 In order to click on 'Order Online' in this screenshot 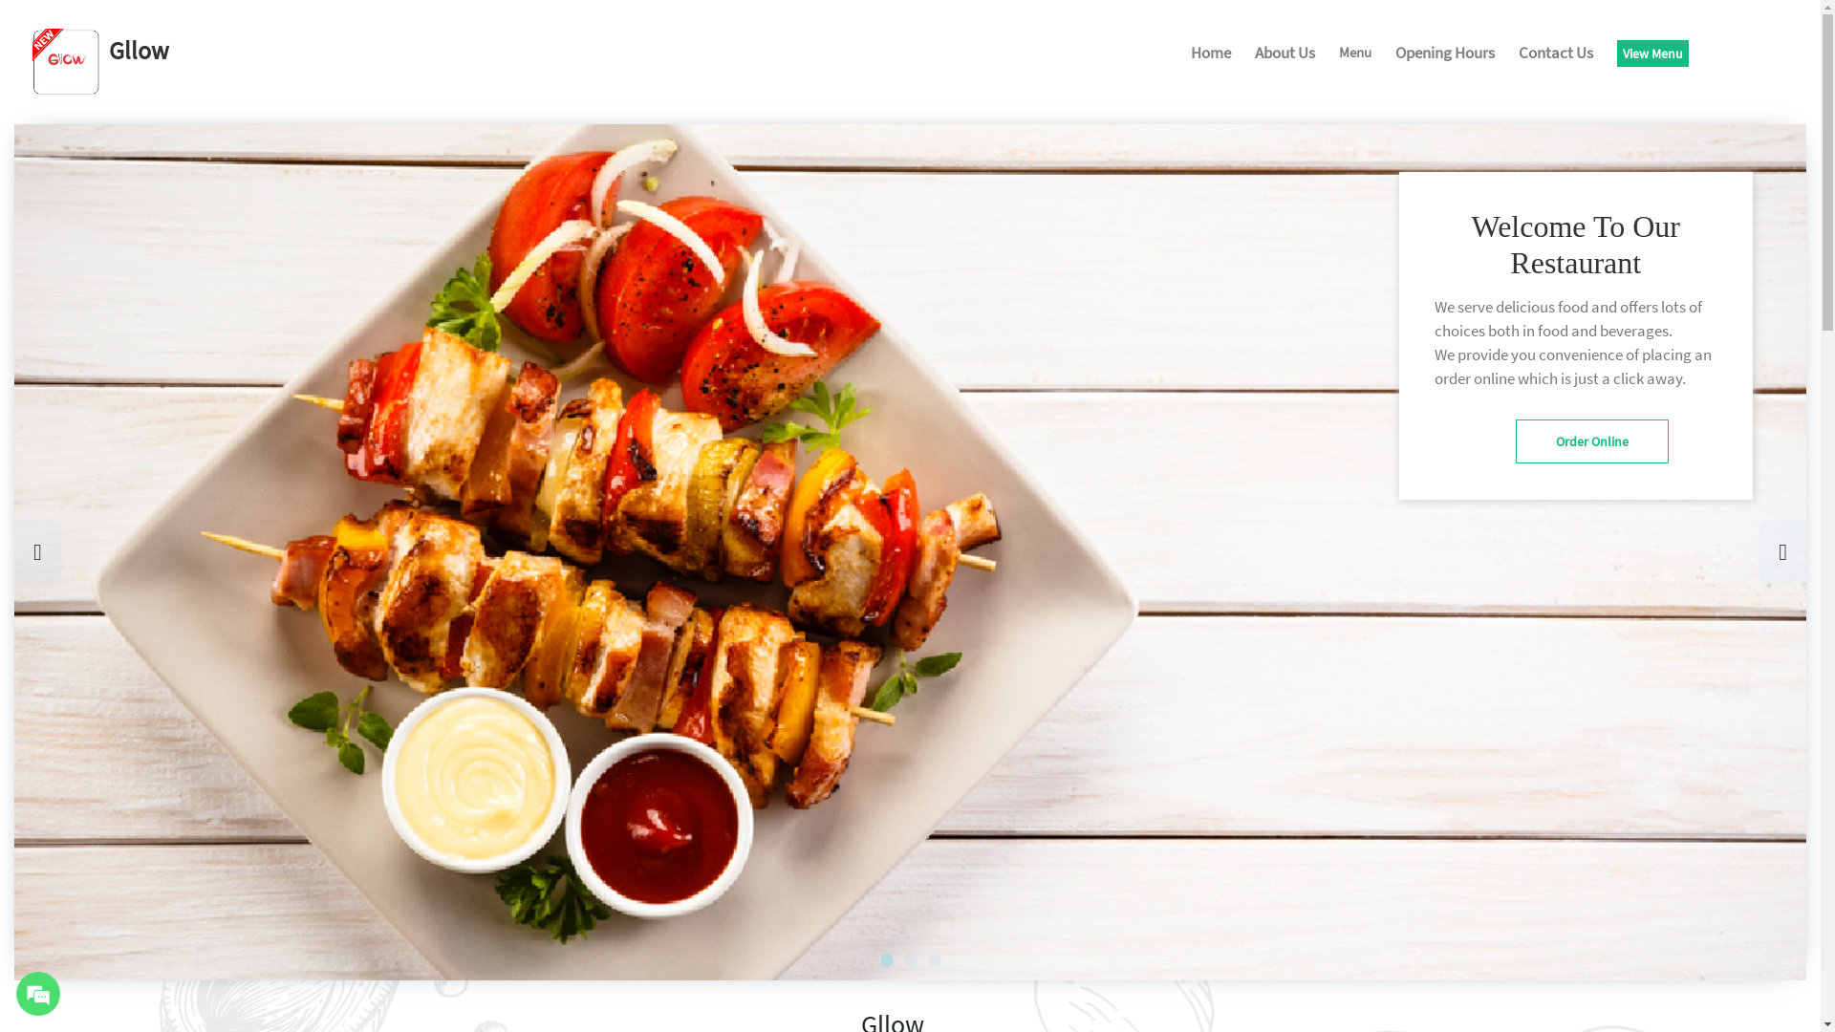, I will do `click(1591, 441)`.